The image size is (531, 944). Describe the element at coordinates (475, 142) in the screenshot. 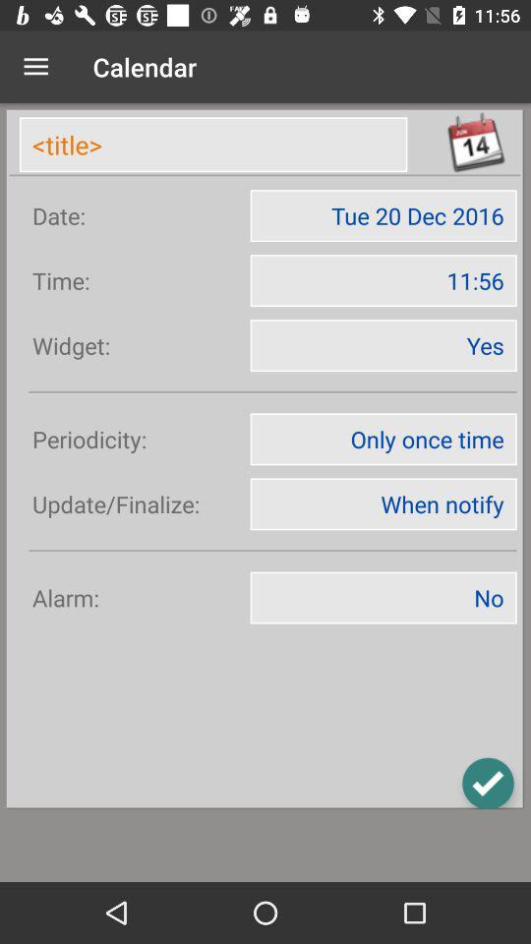

I see `the date_range icon` at that location.